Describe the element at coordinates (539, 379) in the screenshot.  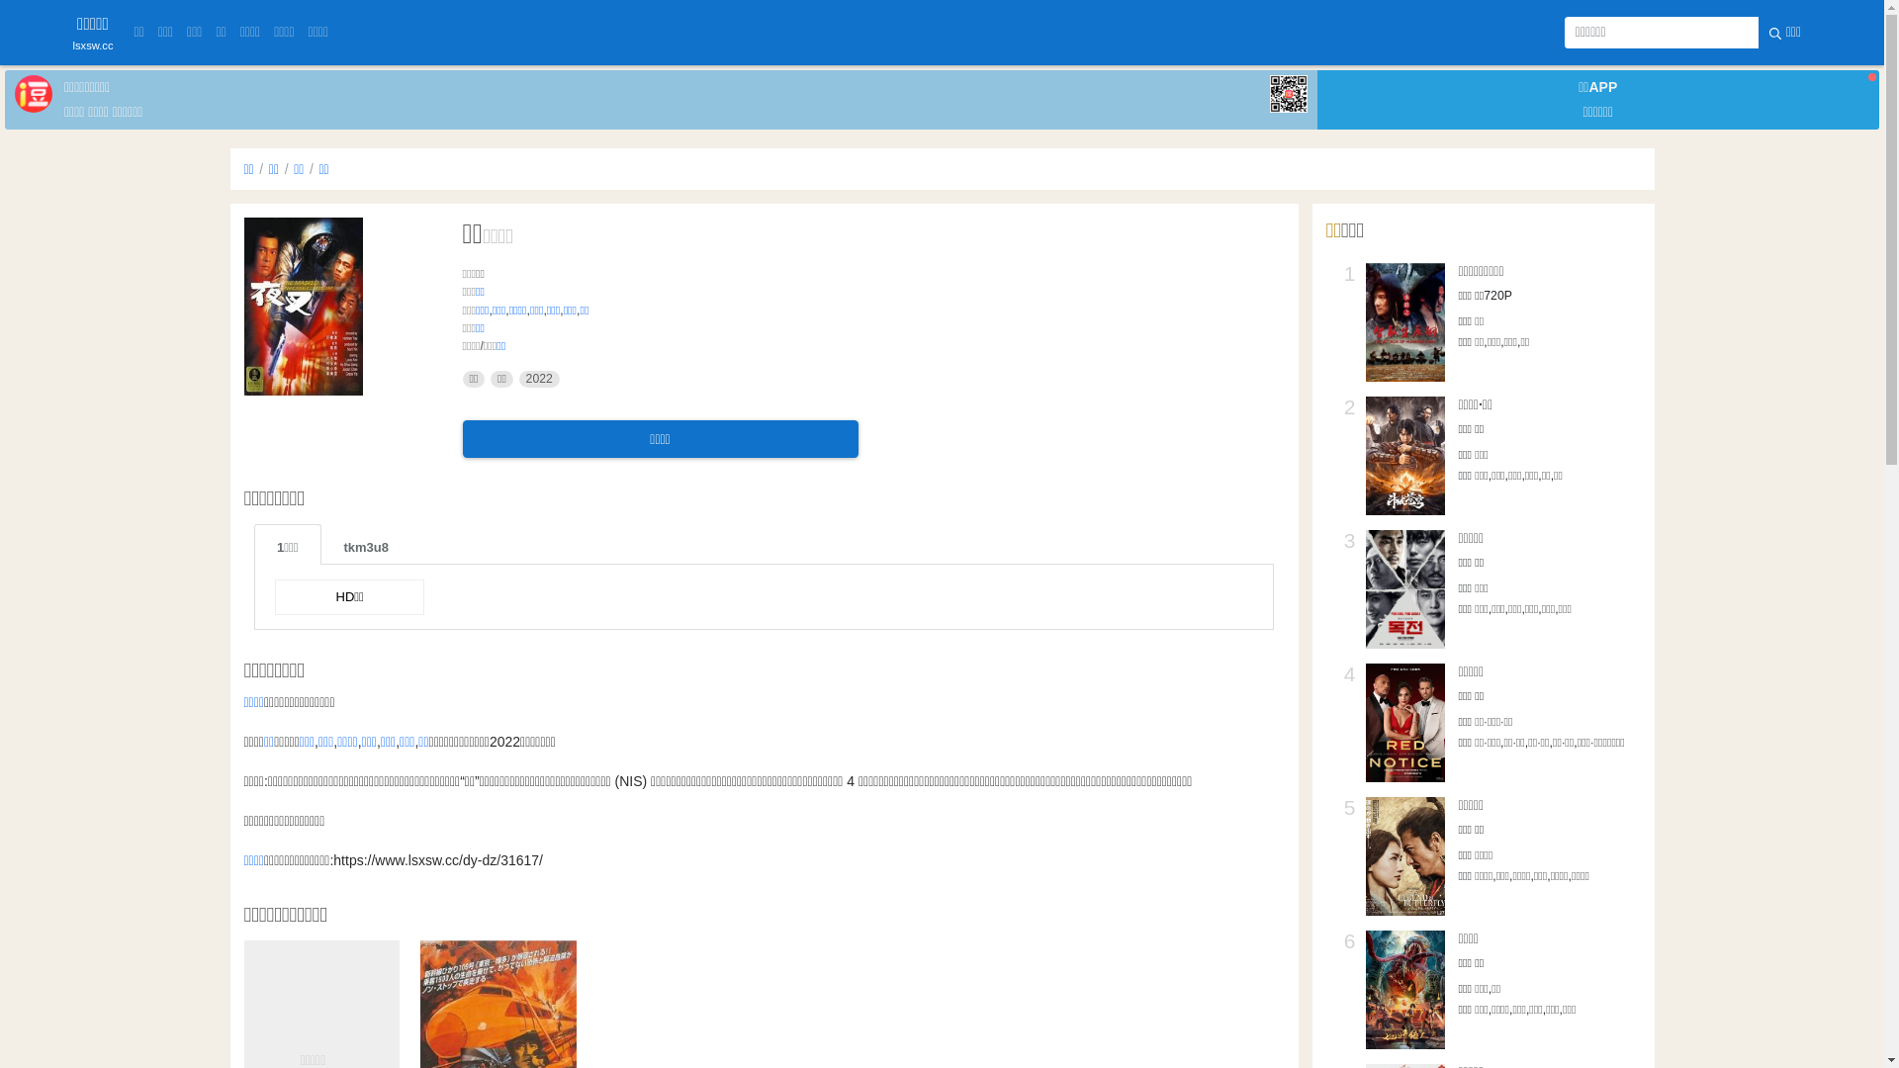
I see `'2022'` at that location.